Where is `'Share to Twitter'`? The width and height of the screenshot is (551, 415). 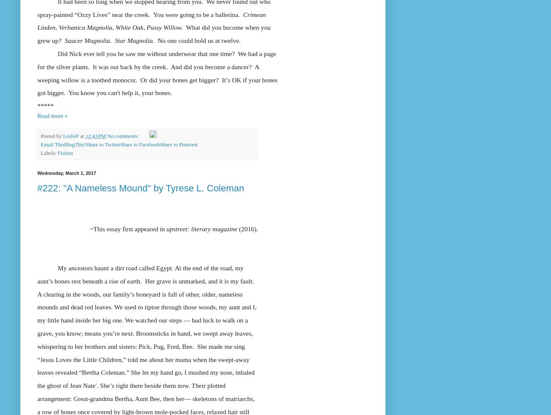 'Share to Twitter' is located at coordinates (103, 144).